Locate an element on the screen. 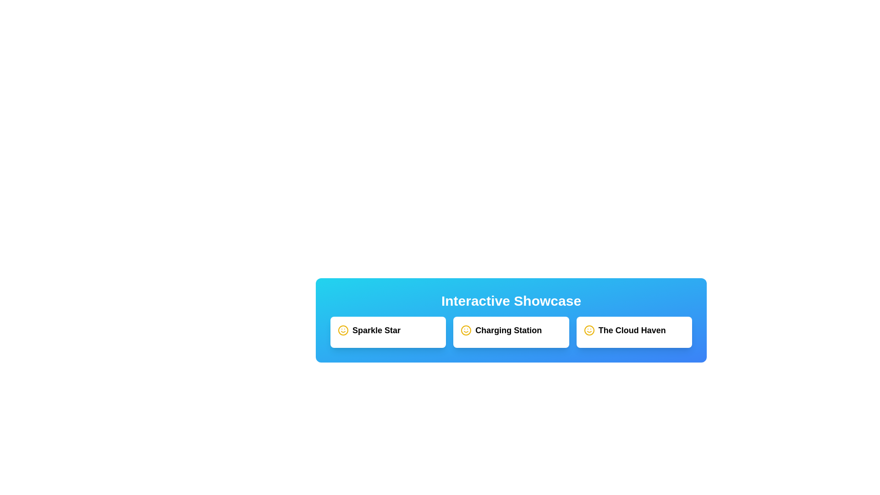 The height and width of the screenshot is (495, 880). the text label 'Sparkle Star' which is aligned to the left side next to a smiley icon in the first card under the 'Interactive Showcase' header is located at coordinates (376, 330).